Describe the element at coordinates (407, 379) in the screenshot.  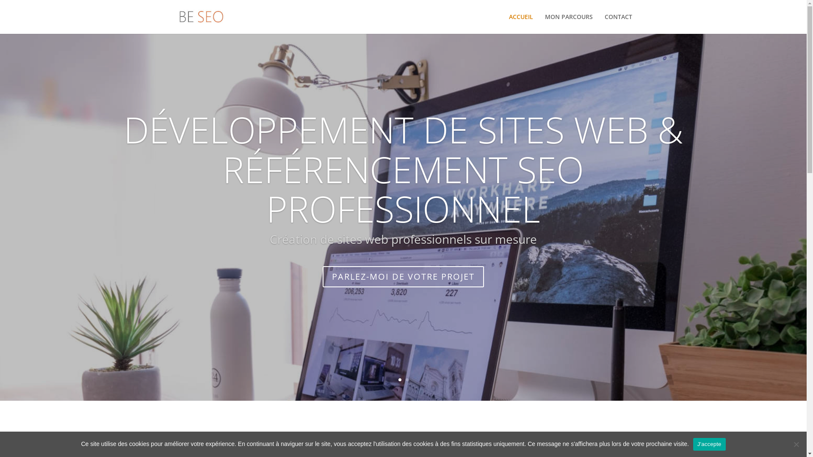
I see `'2'` at that location.